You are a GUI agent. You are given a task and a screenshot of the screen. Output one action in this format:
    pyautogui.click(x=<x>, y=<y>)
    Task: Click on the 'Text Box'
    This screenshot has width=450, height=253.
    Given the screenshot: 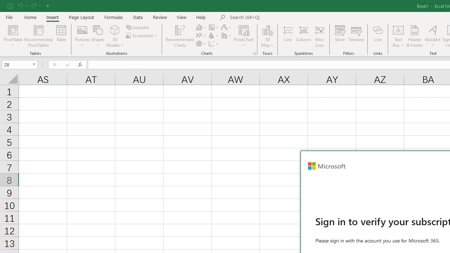 What is the action you would take?
    pyautogui.click(x=398, y=36)
    